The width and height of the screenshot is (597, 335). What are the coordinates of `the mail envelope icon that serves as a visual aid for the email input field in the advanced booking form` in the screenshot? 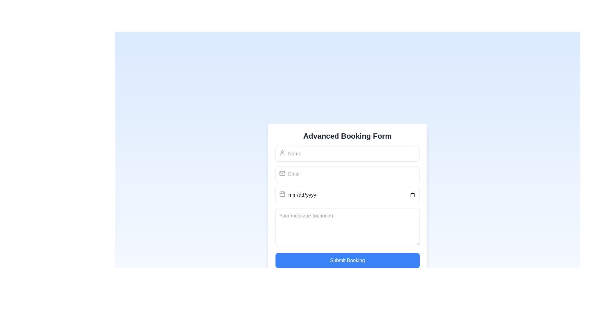 It's located at (282, 173).